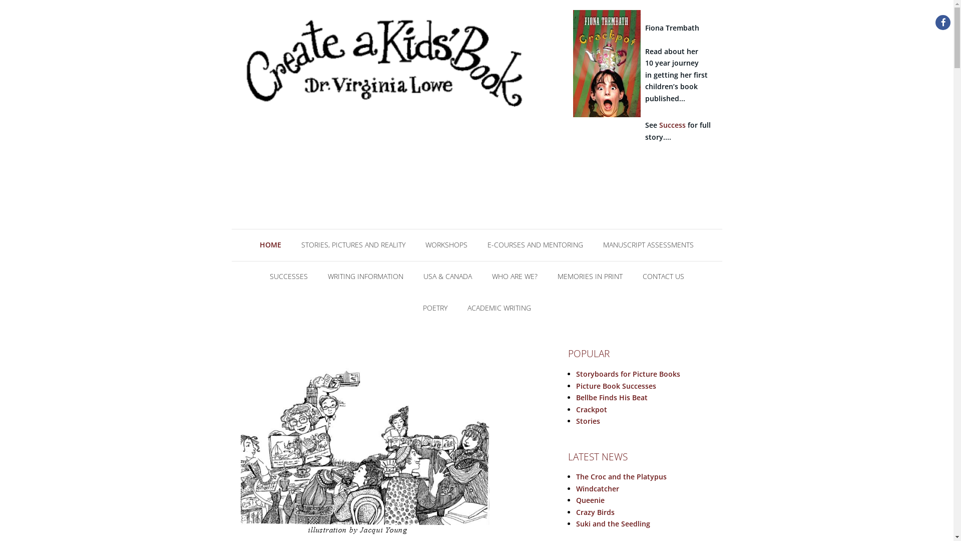 This screenshot has width=961, height=541. Describe the element at coordinates (648, 243) in the screenshot. I see `'MANUSCRIPT ASSESSMENTS'` at that location.